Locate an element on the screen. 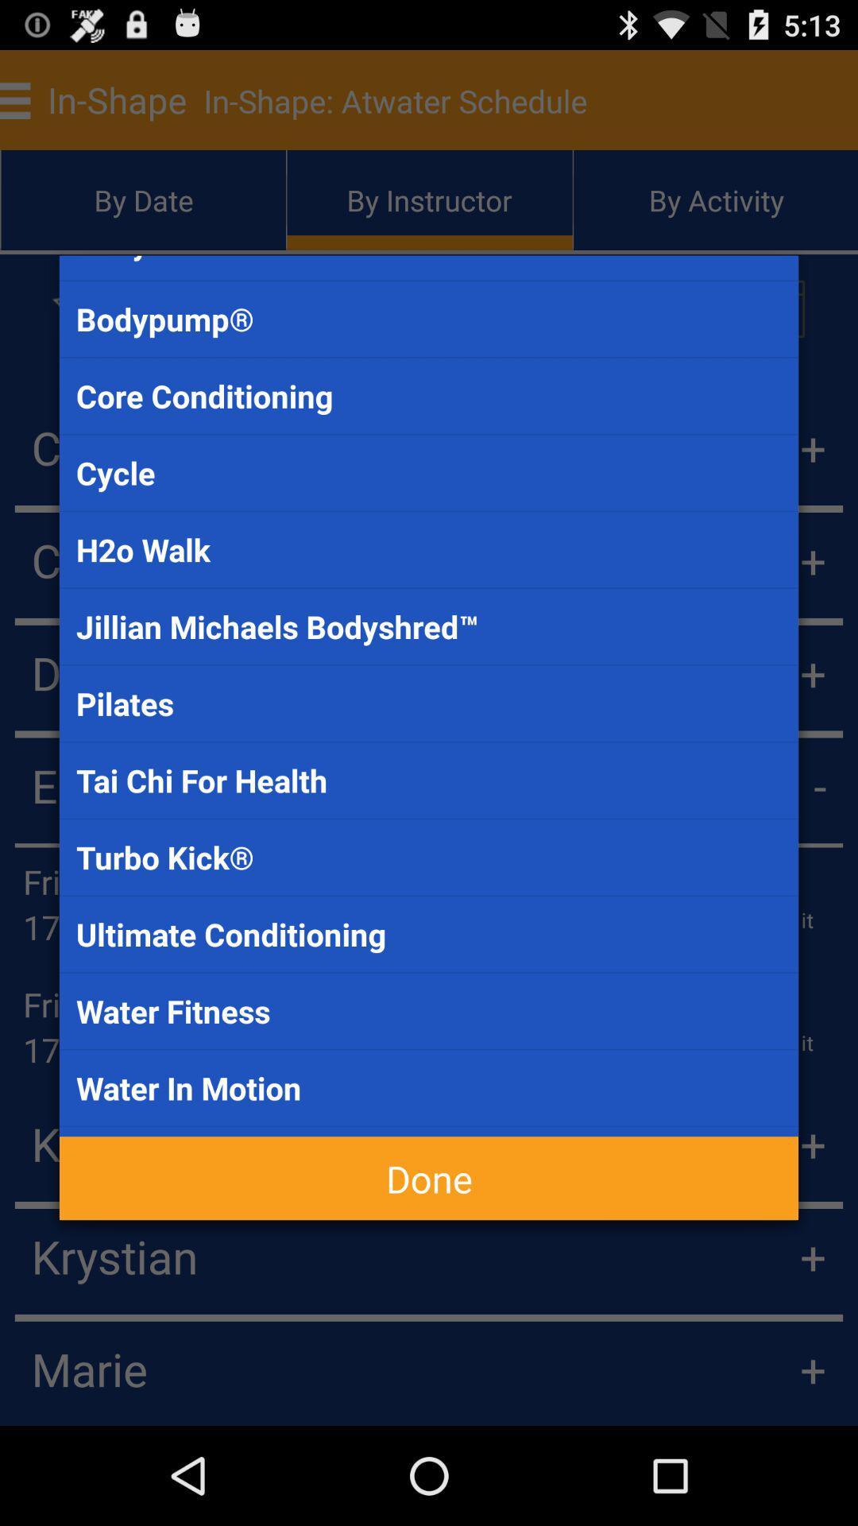 The image size is (858, 1526). the app above the yoga icon is located at coordinates (429, 1087).